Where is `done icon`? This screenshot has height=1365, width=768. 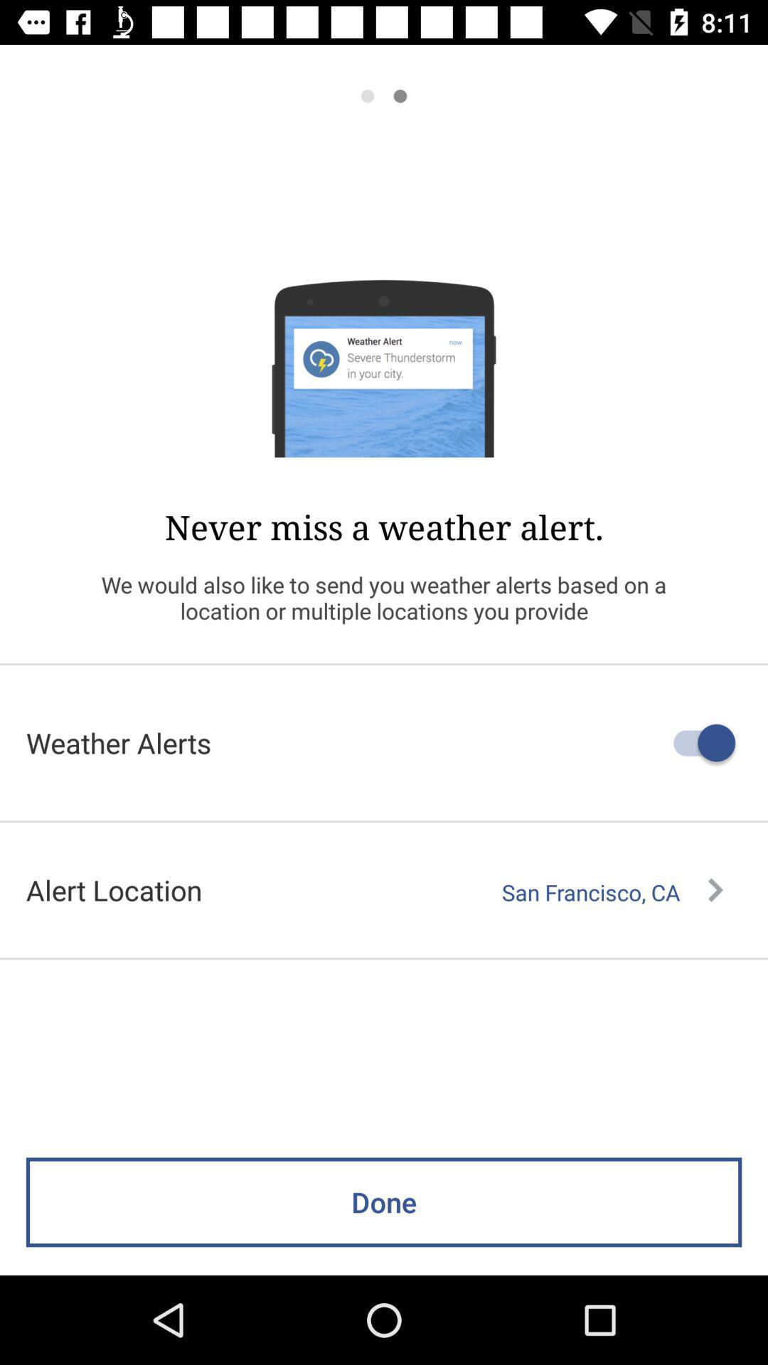 done icon is located at coordinates (384, 1201).